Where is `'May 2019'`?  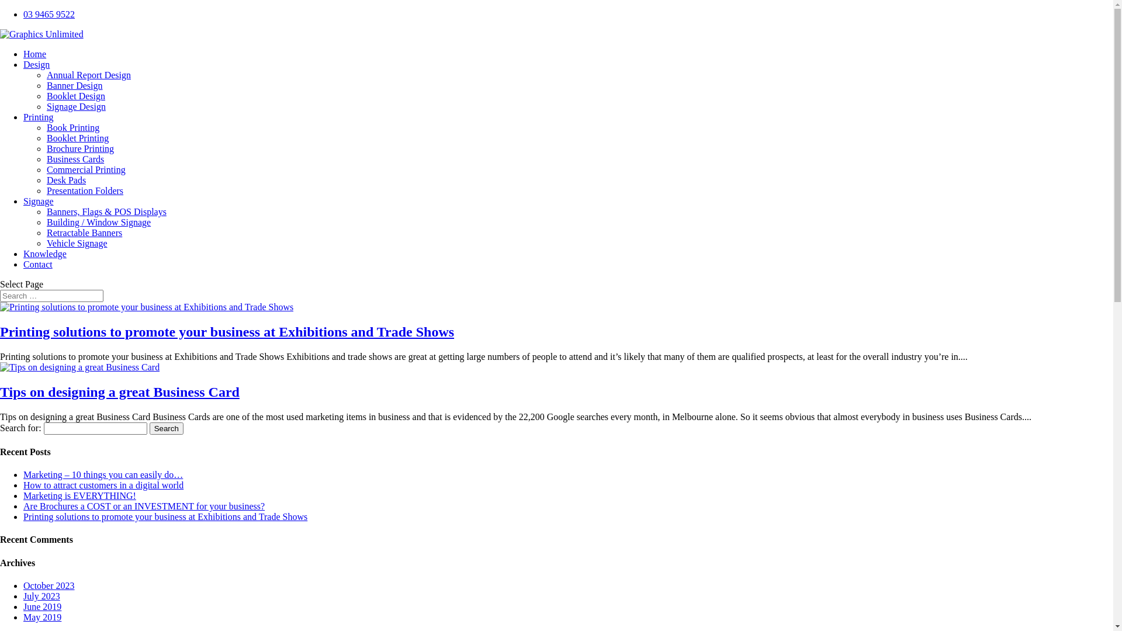
'May 2019' is located at coordinates (42, 616).